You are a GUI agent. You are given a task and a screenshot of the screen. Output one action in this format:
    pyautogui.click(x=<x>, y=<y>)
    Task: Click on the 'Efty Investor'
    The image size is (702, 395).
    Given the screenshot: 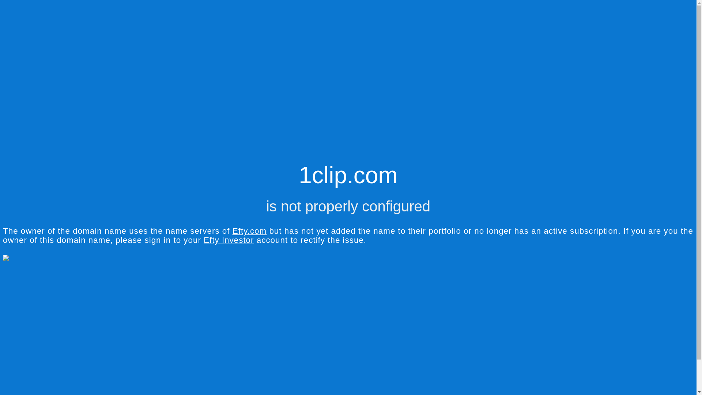 What is the action you would take?
    pyautogui.click(x=228, y=240)
    